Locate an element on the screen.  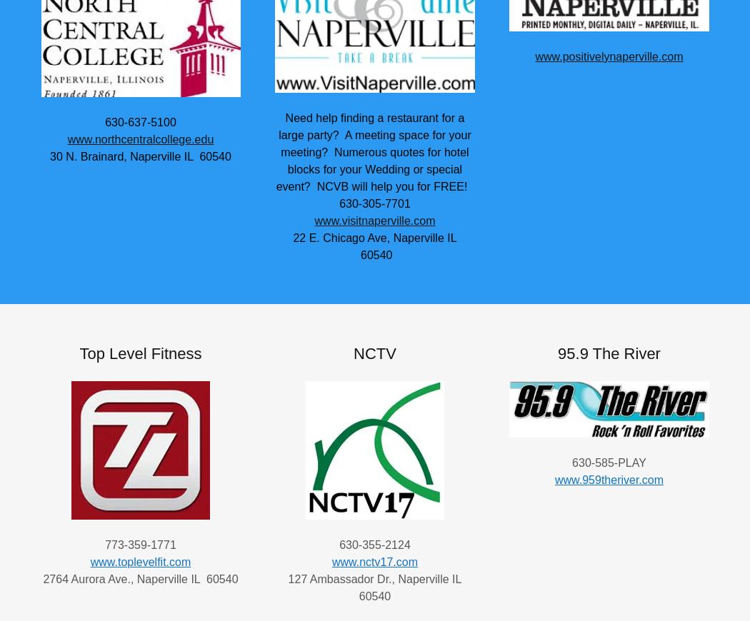
'2764 Aurora Ave., Naperville IL  60540' is located at coordinates (139, 578).